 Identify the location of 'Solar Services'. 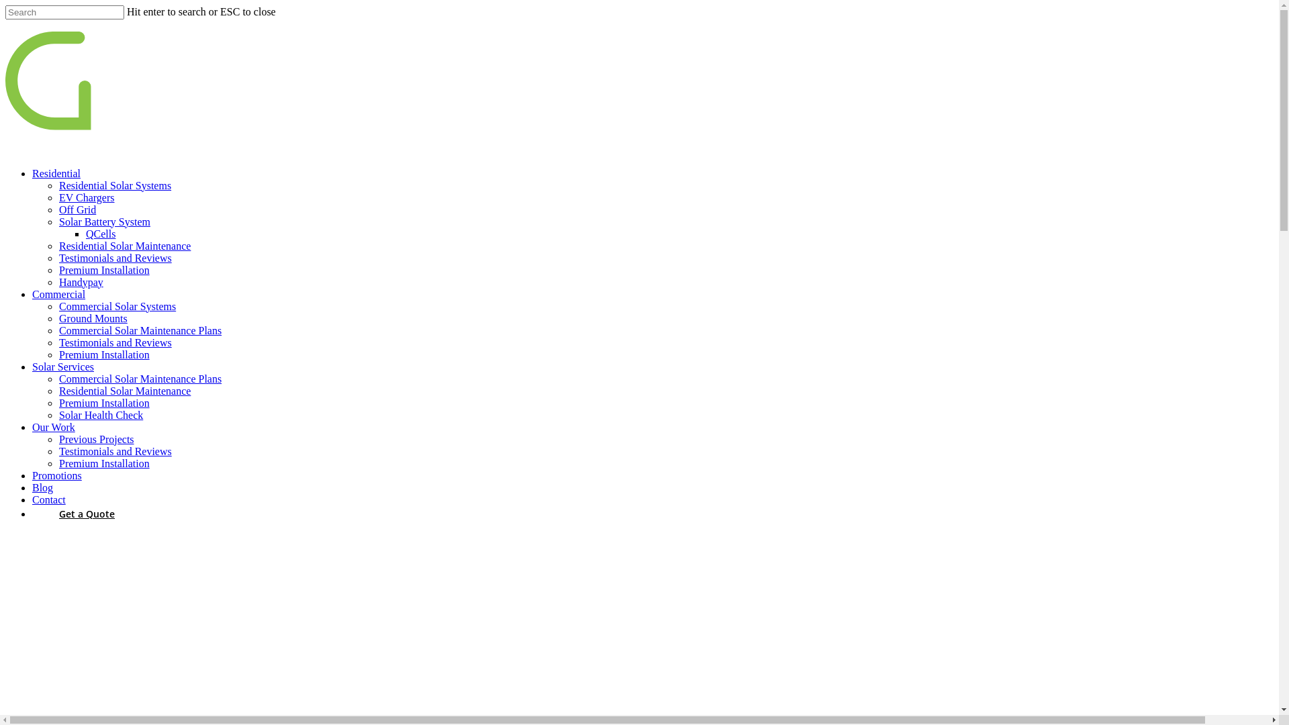
(62, 367).